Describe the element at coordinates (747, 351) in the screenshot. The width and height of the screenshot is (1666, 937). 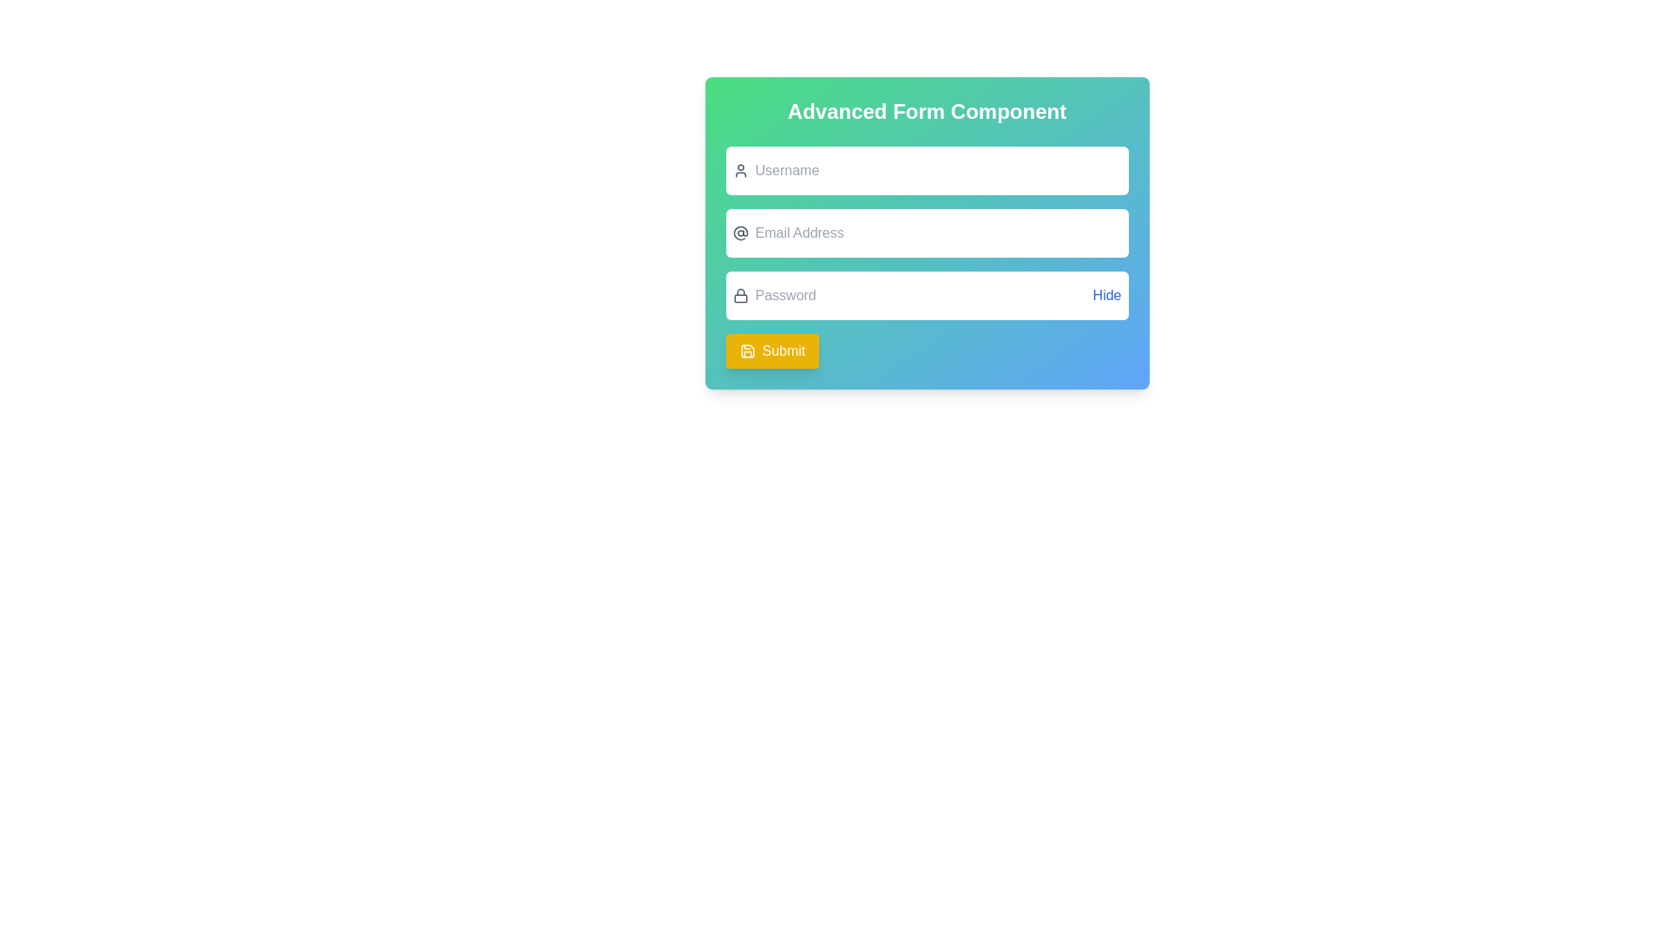
I see `the save action icon located at the center of the 'Submit' button, which is bright yellow and positioned at the bottom-left corner of the form` at that location.